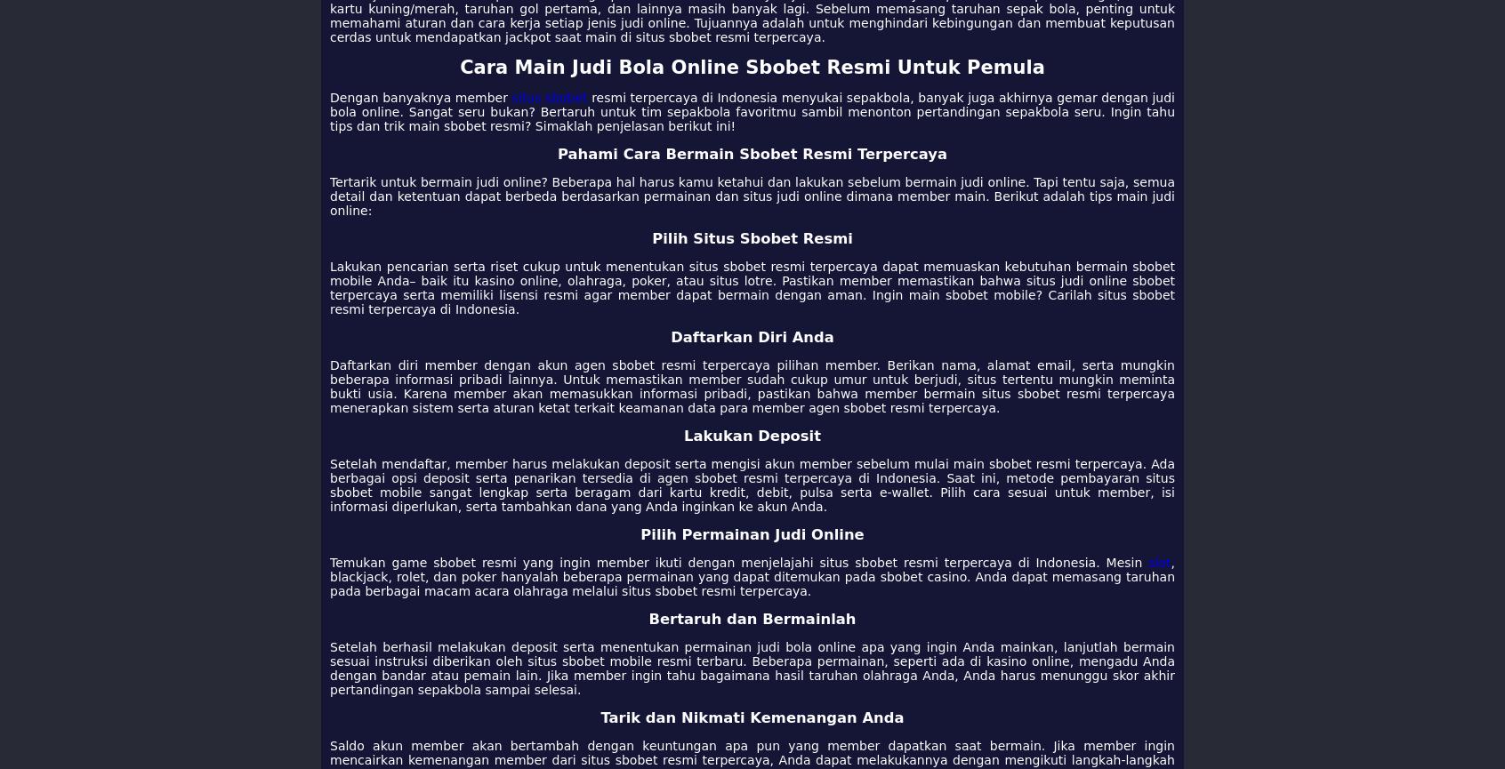  Describe the element at coordinates (752, 237) in the screenshot. I see `'Pilih Situs Sbobet Resmi'` at that location.